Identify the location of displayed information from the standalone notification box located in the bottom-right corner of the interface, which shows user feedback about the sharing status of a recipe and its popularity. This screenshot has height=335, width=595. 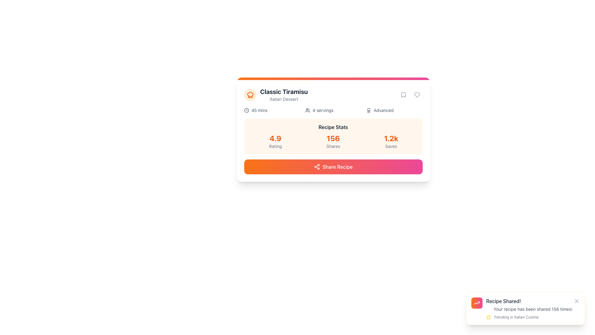
(525, 309).